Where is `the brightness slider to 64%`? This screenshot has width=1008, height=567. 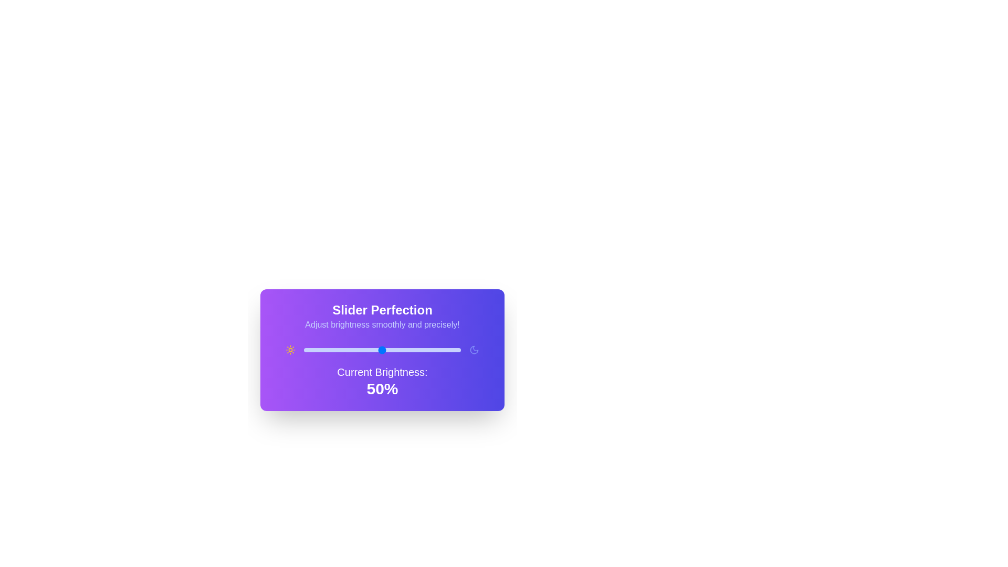
the brightness slider to 64% is located at coordinates (403, 350).